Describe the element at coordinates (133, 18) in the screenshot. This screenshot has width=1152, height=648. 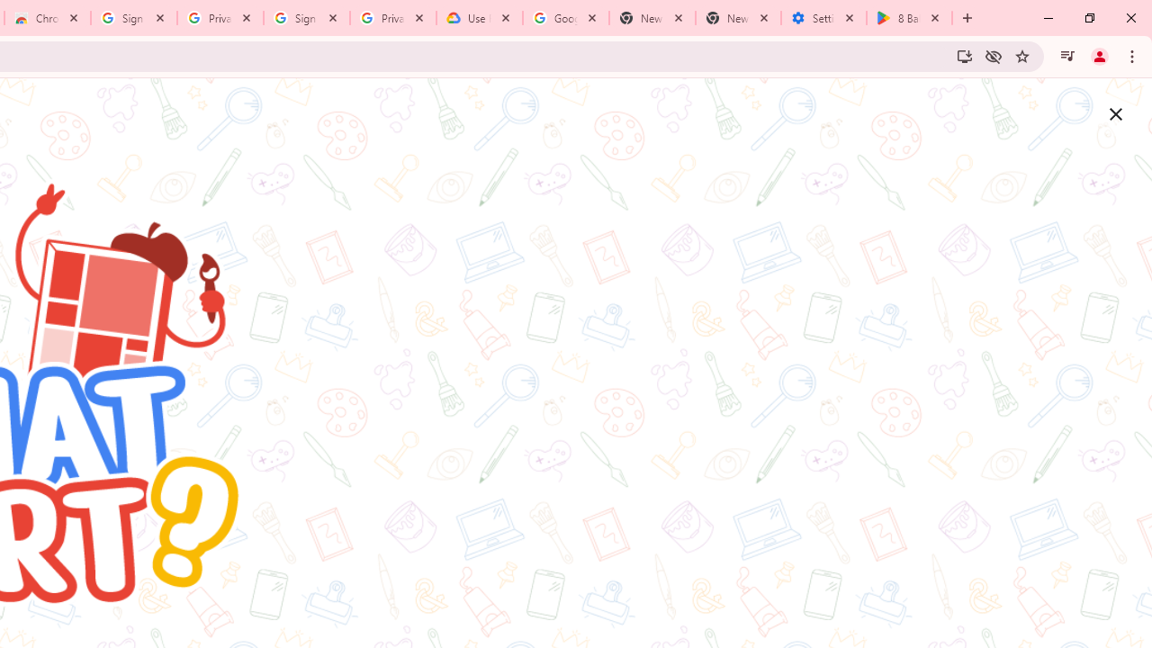
I see `'Sign in - Google Accounts'` at that location.